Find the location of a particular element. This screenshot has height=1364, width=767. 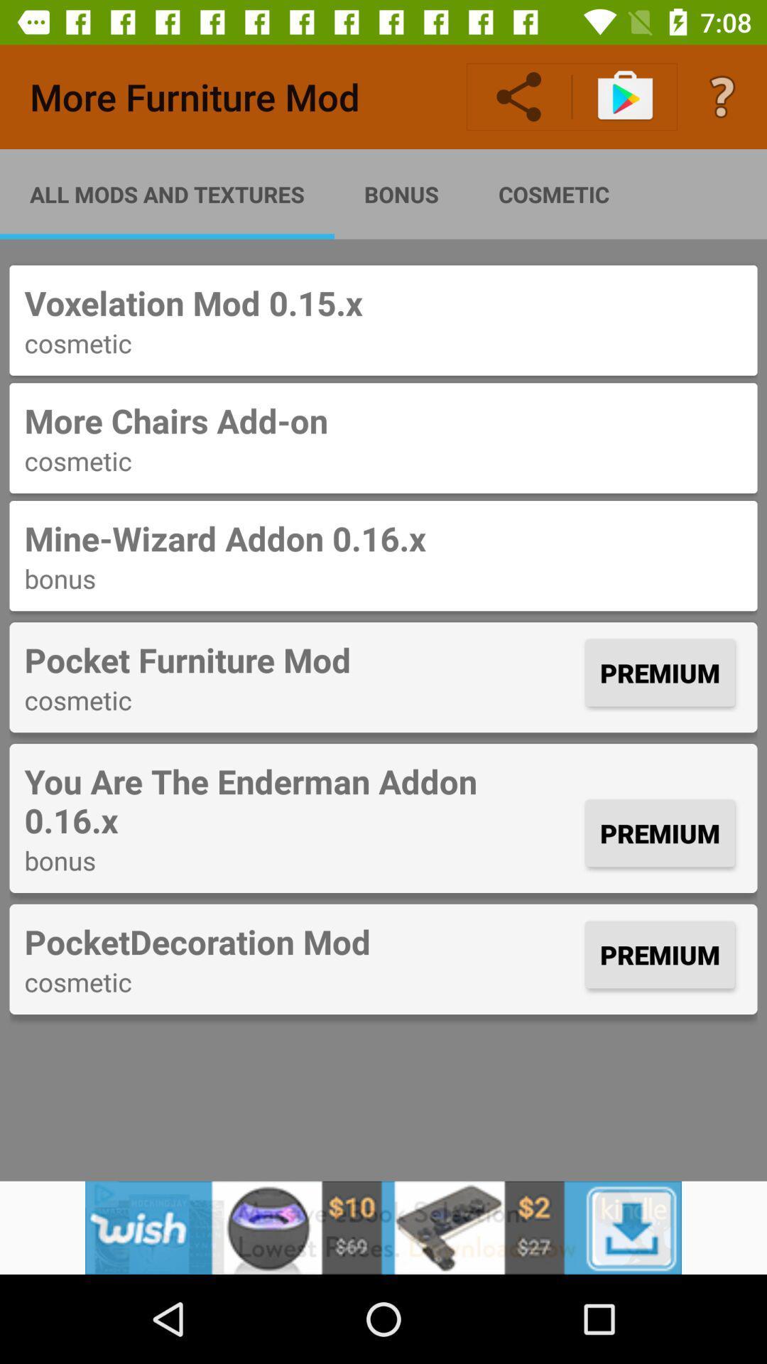

minewizard addon 016x option is located at coordinates (383, 555).